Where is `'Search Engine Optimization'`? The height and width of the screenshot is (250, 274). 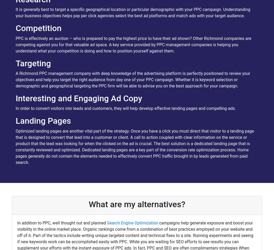 'Search Engine Optimization' is located at coordinates (132, 223).